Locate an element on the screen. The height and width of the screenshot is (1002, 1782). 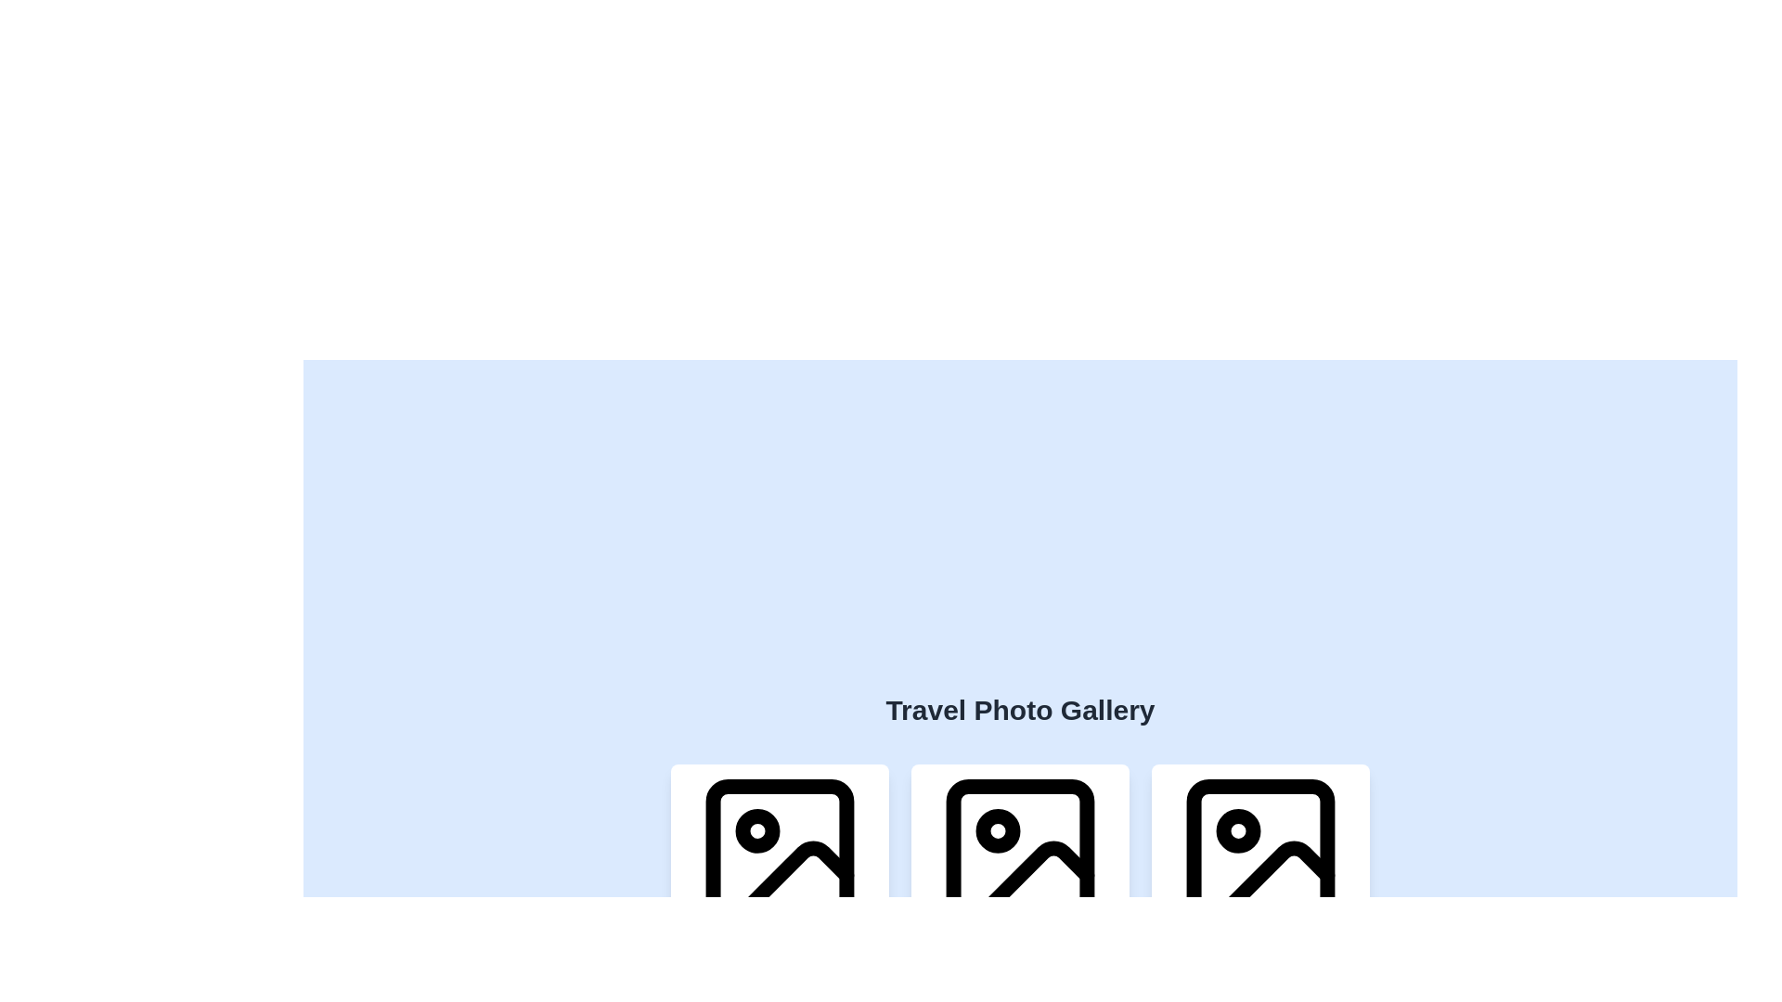
the SVG icon representing an image or photo frame, styled in a simple outlined design, located on the left side of the horizontal layout near the 'Travel Photo Gallery' heading is located at coordinates (780, 854).